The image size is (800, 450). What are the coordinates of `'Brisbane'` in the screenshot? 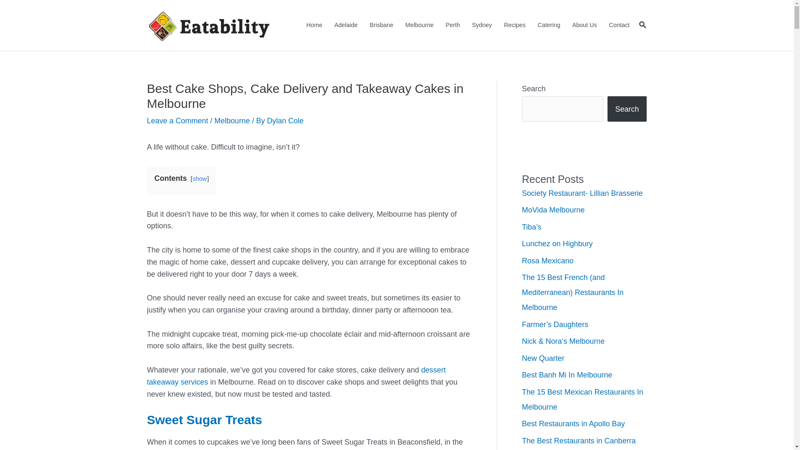 It's located at (364, 25).